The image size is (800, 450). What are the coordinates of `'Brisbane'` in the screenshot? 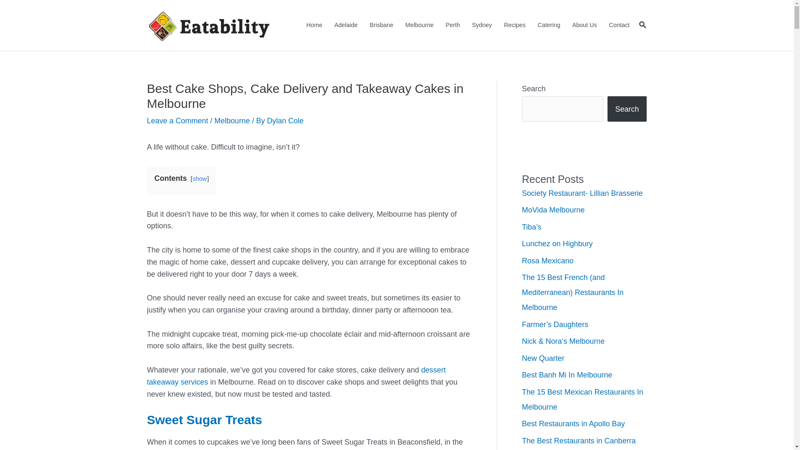 It's located at (364, 25).